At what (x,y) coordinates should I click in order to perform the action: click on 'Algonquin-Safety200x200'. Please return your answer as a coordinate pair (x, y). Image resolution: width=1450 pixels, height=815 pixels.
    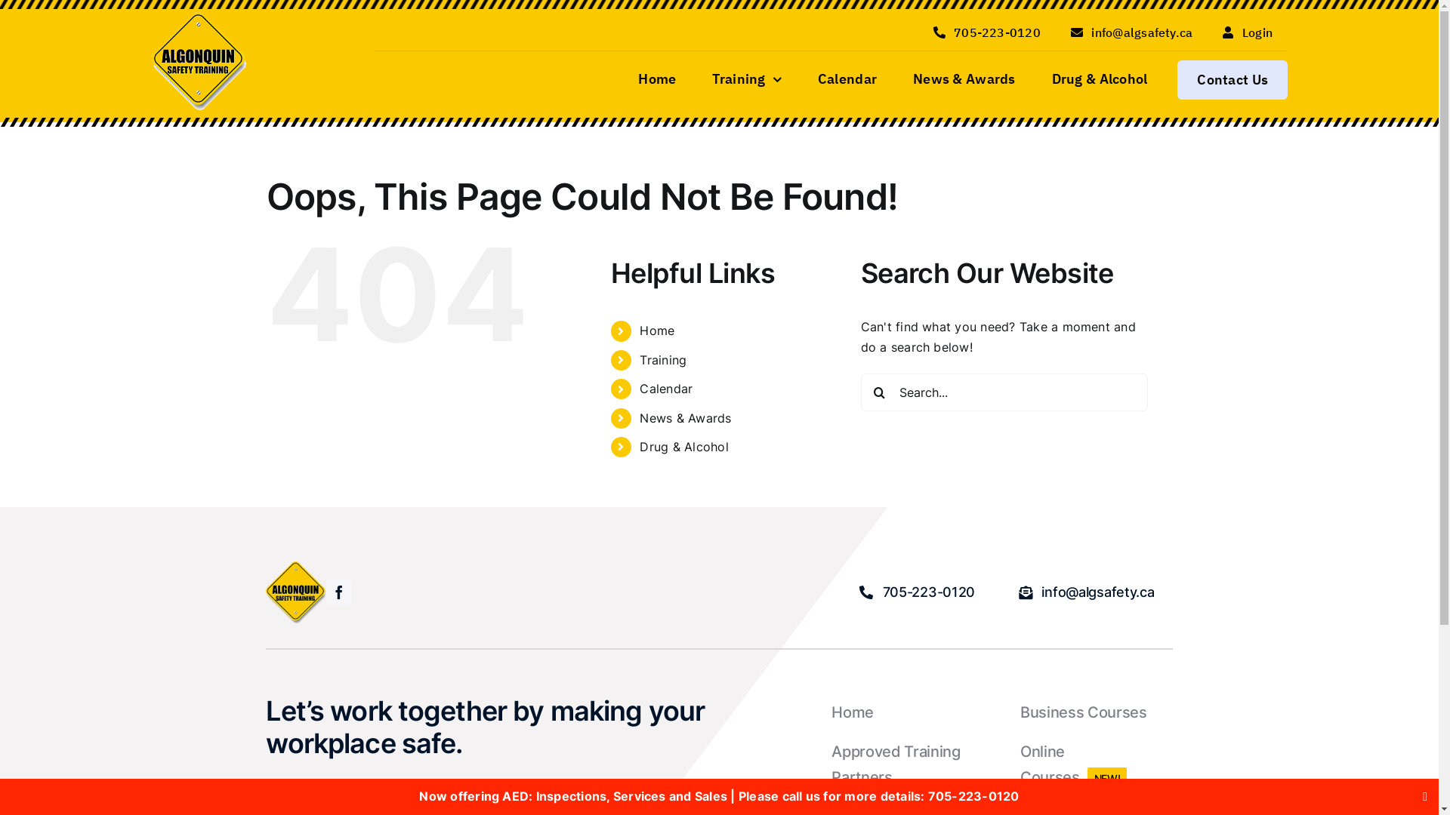
    Looking at the image, I should click on (296, 592).